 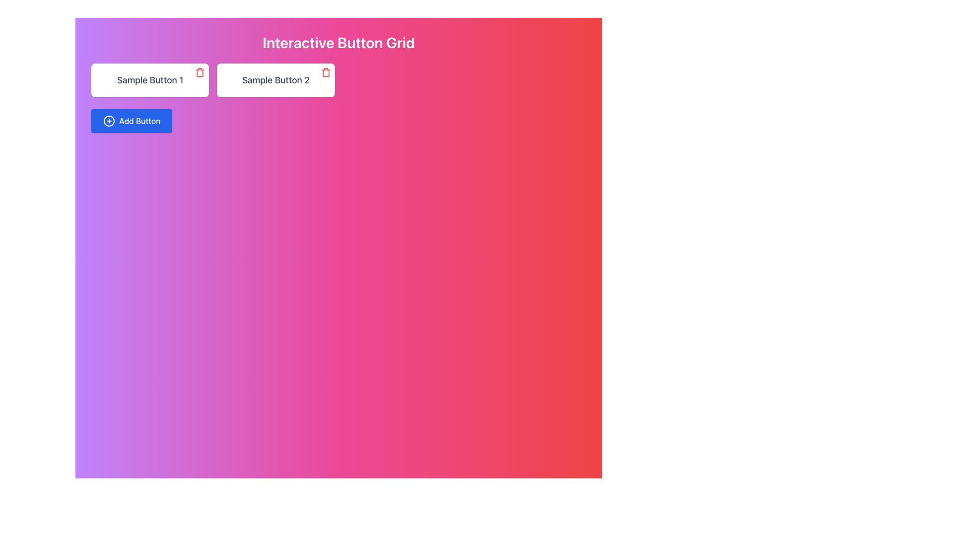 What do you see at coordinates (109, 120) in the screenshot?
I see `the color and description of the circular plus sign icon located within the 'Add Button' element in the bottom-left corner of the interface` at bounding box center [109, 120].